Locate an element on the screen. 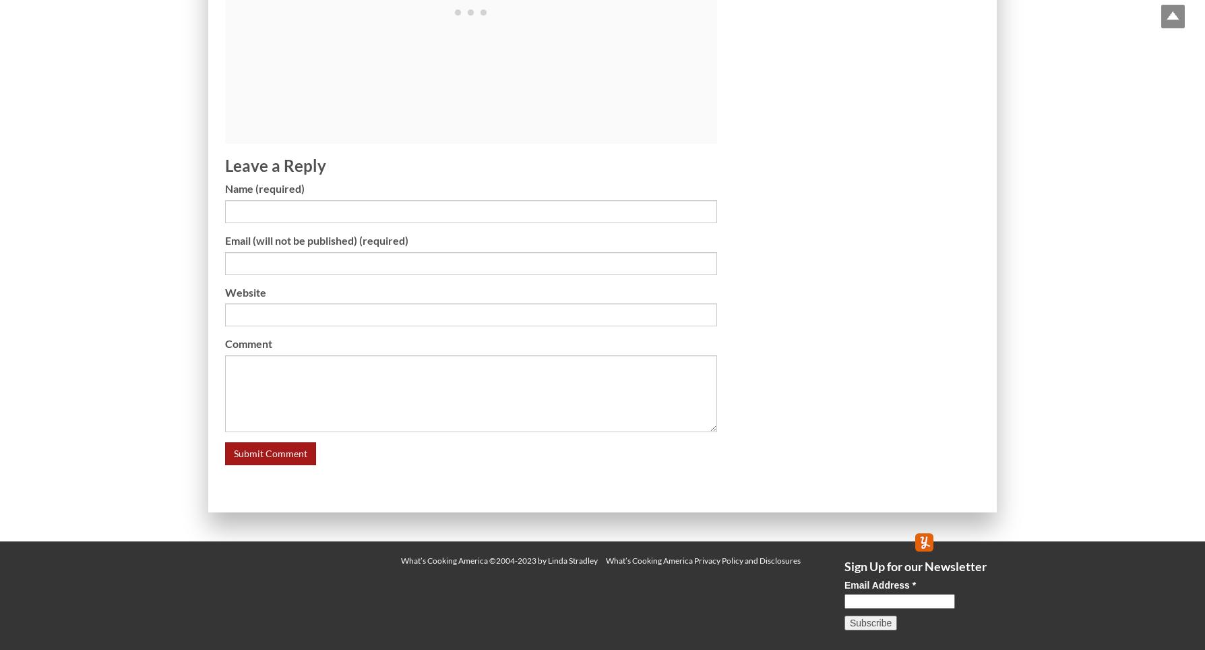 This screenshot has width=1205, height=650. 'Website' is located at coordinates (245, 291).